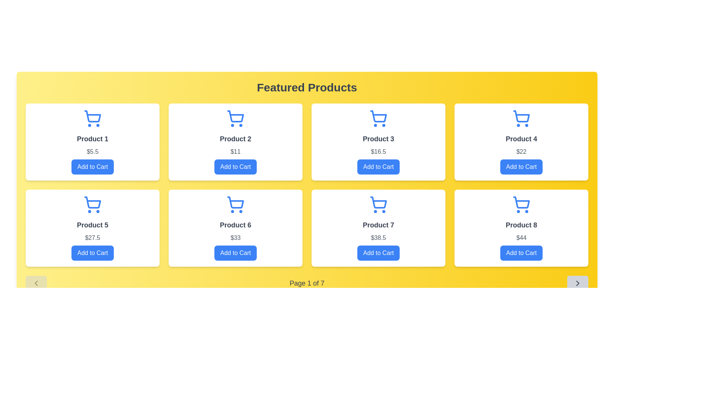 This screenshot has width=726, height=408. I want to click on product details from the Card UI component displaying 'Product 5' with price '$27.5', located in the second row and first column of the grid layout, so click(92, 228).